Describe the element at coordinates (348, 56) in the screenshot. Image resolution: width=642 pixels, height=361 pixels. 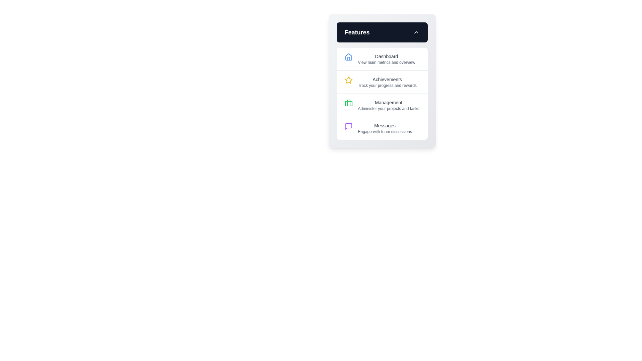
I see `the house-shaped icon representing the 'Dashboard' menu item to trigger potential hover effects` at that location.